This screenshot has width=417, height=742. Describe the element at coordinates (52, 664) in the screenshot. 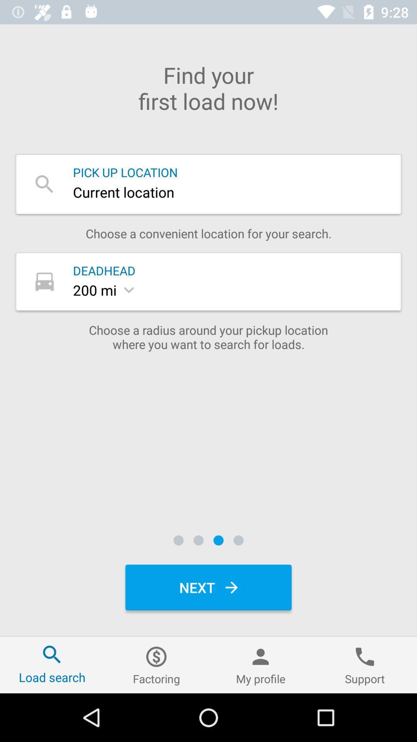

I see `item next to factoring icon` at that location.